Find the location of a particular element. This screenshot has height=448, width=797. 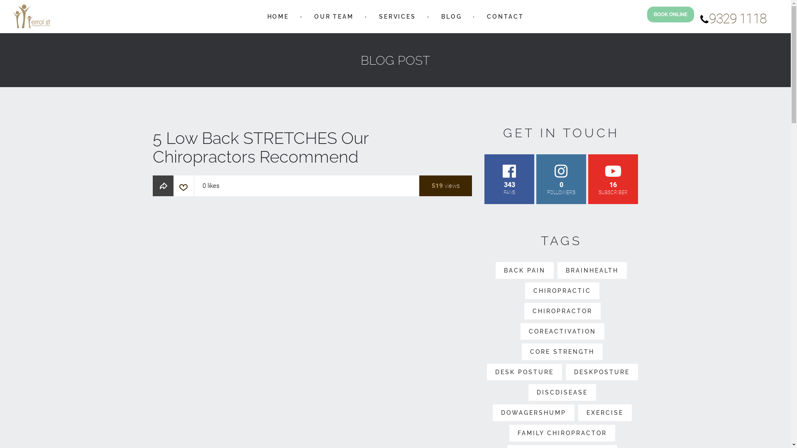

'BLOG' is located at coordinates (451, 16).